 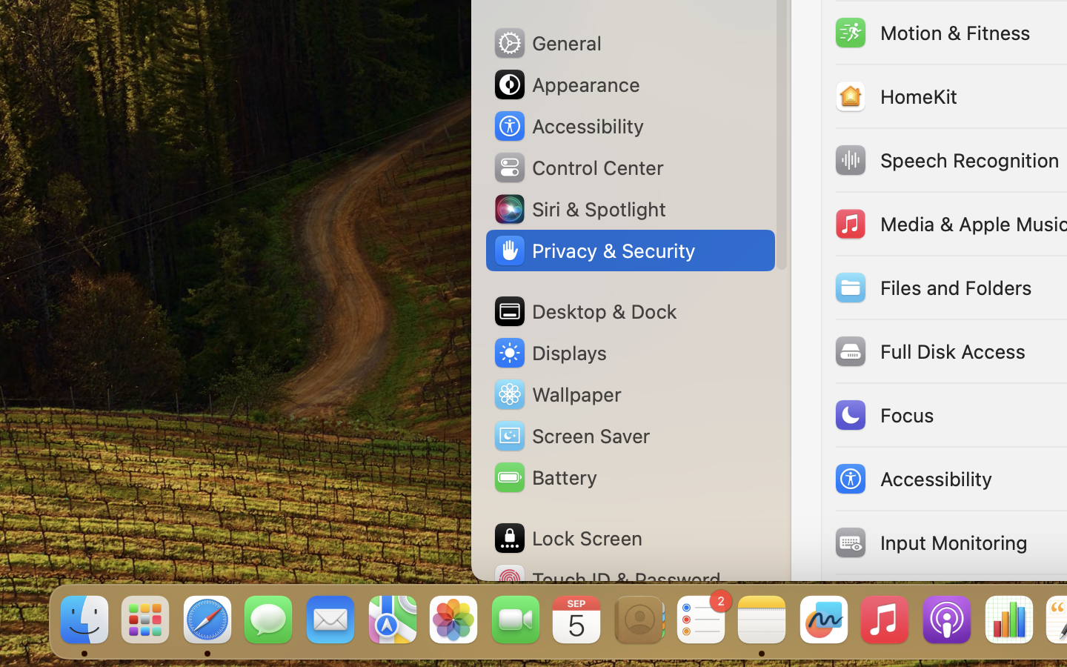 What do you see at coordinates (545, 42) in the screenshot?
I see `'General'` at bounding box center [545, 42].